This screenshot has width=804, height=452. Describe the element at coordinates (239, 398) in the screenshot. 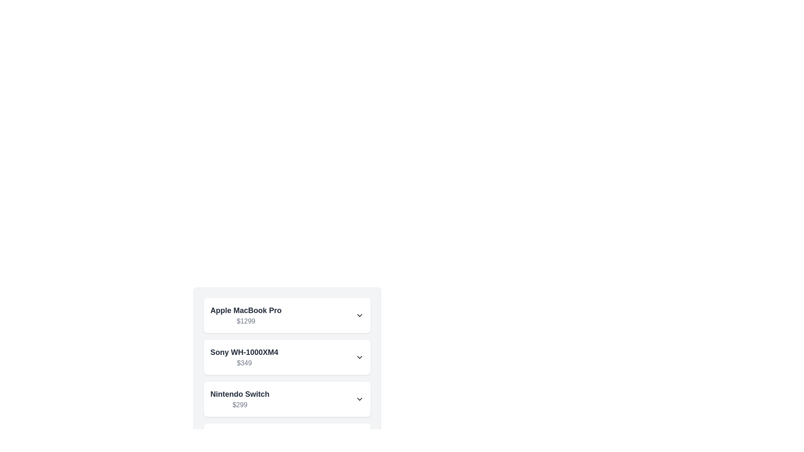

I see `the third item in the vertical product list that displays the name and price of a product, located below 'Sony WH-1000XM4'` at that location.